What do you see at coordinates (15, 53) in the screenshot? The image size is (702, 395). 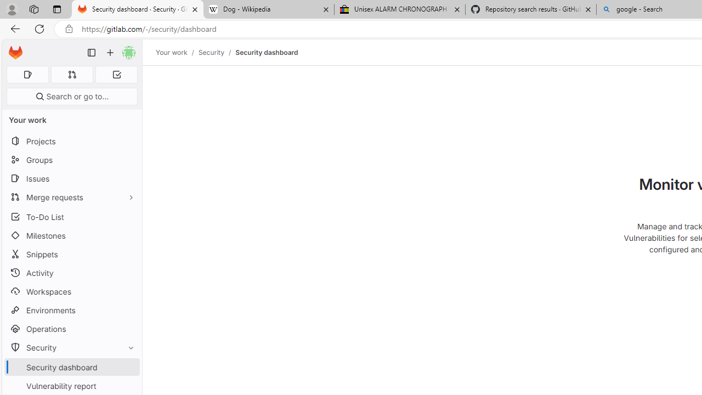 I see `'Homepage'` at bounding box center [15, 53].